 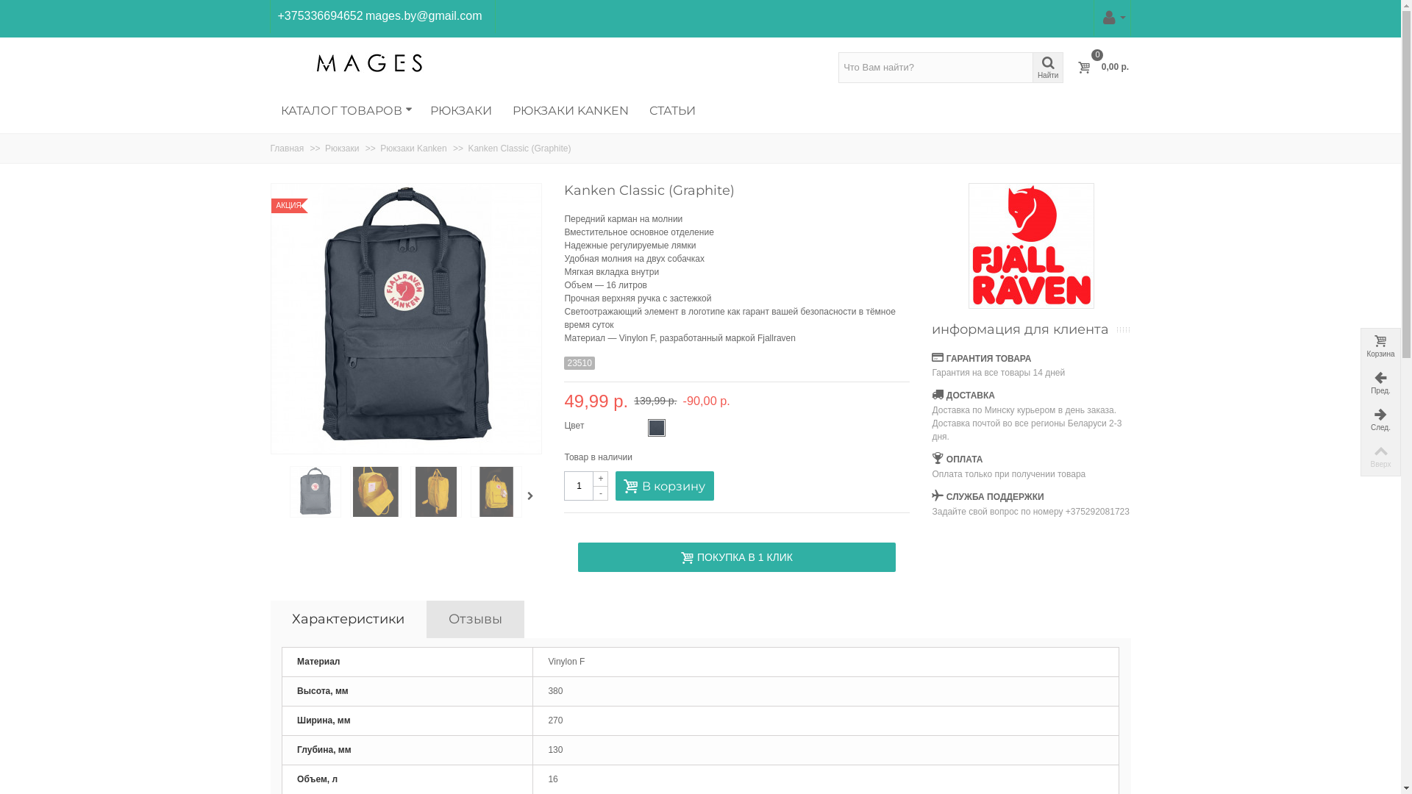 I want to click on '-', so click(x=593, y=493).